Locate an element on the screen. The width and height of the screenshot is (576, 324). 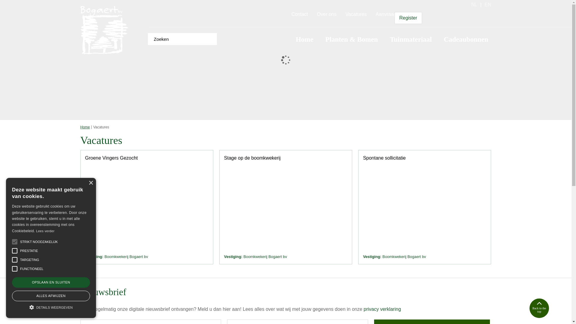
'Tuinmateriaal' is located at coordinates (410, 39).